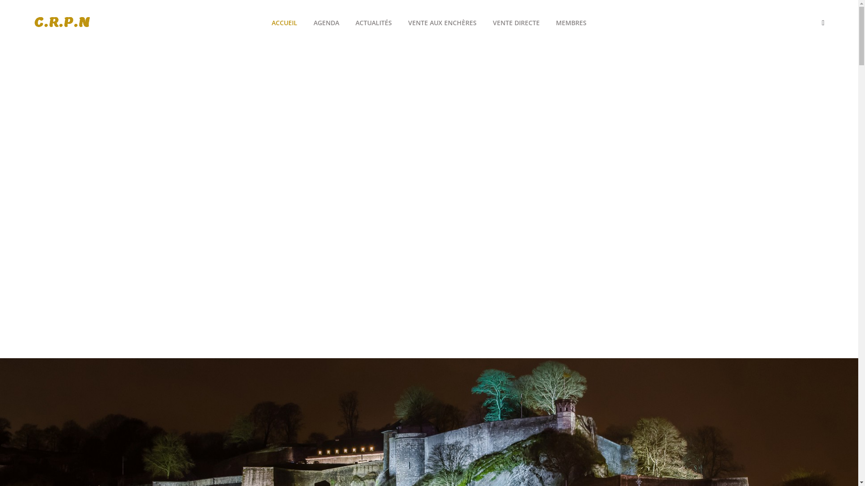 The image size is (865, 486). Describe the element at coordinates (306, 22) in the screenshot. I see `'AGENDA'` at that location.